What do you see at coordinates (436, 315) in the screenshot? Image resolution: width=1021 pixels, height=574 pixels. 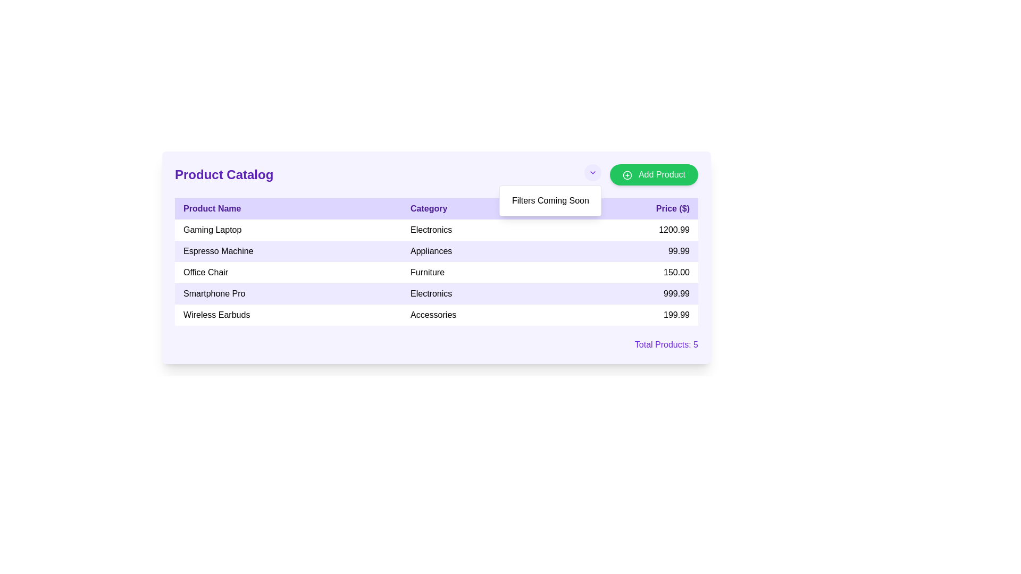 I see `information from the fifth table row containing 'Wireless Earbuds' in the first column, 'Accessories' in the second column, and '199.99' in the third column, which has a light violet background` at bounding box center [436, 315].